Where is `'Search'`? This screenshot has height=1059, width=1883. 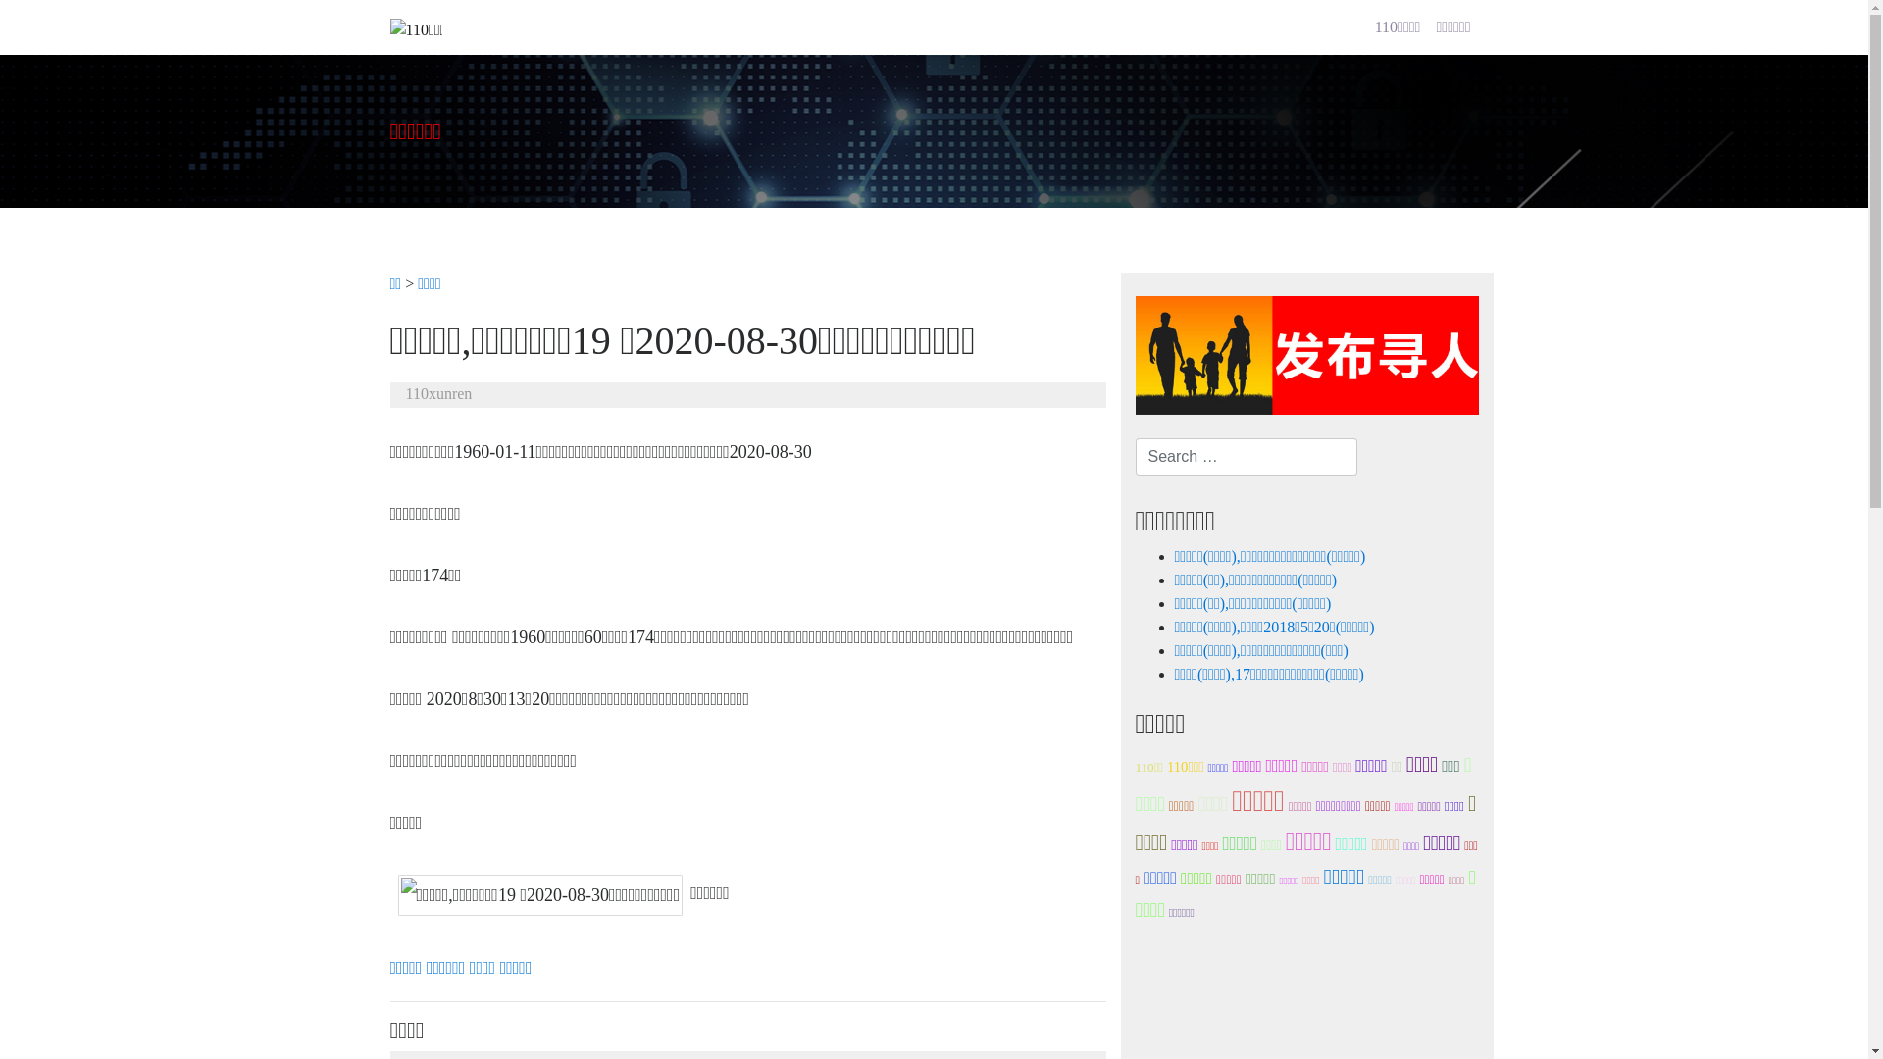 'Search' is located at coordinates (0, 19).